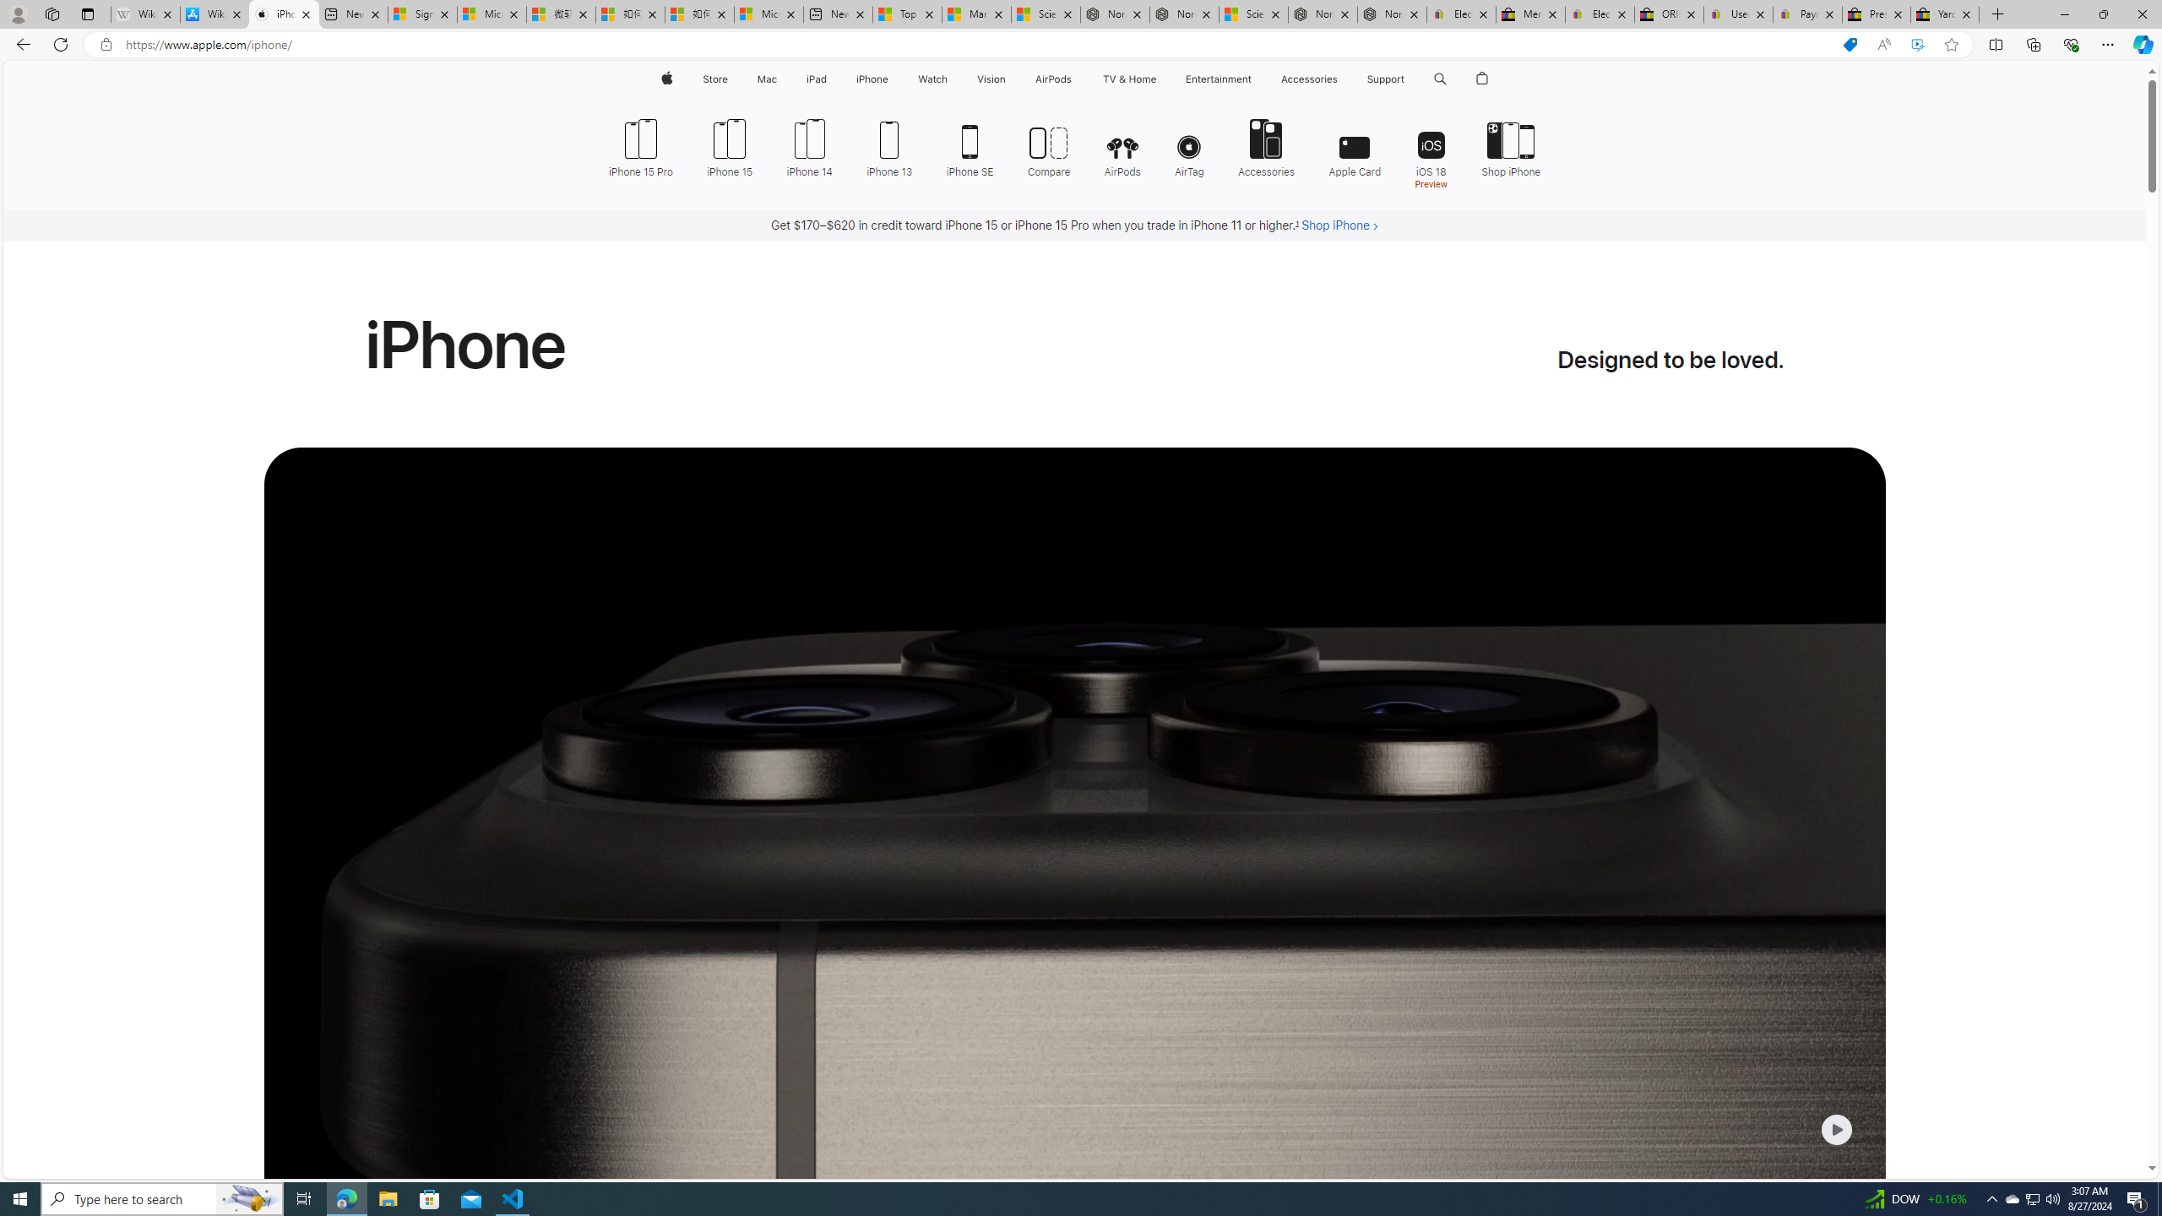  I want to click on 'iOS 18 Preview', so click(1430, 152).